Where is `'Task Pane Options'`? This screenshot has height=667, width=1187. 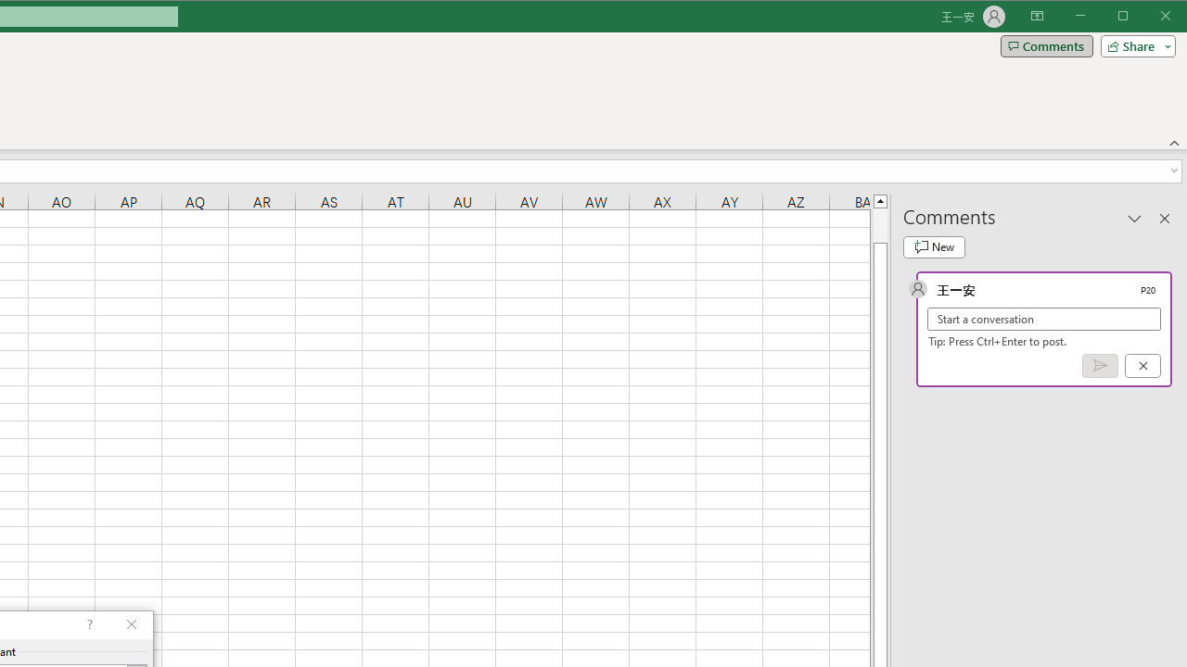 'Task Pane Options' is located at coordinates (1134, 217).